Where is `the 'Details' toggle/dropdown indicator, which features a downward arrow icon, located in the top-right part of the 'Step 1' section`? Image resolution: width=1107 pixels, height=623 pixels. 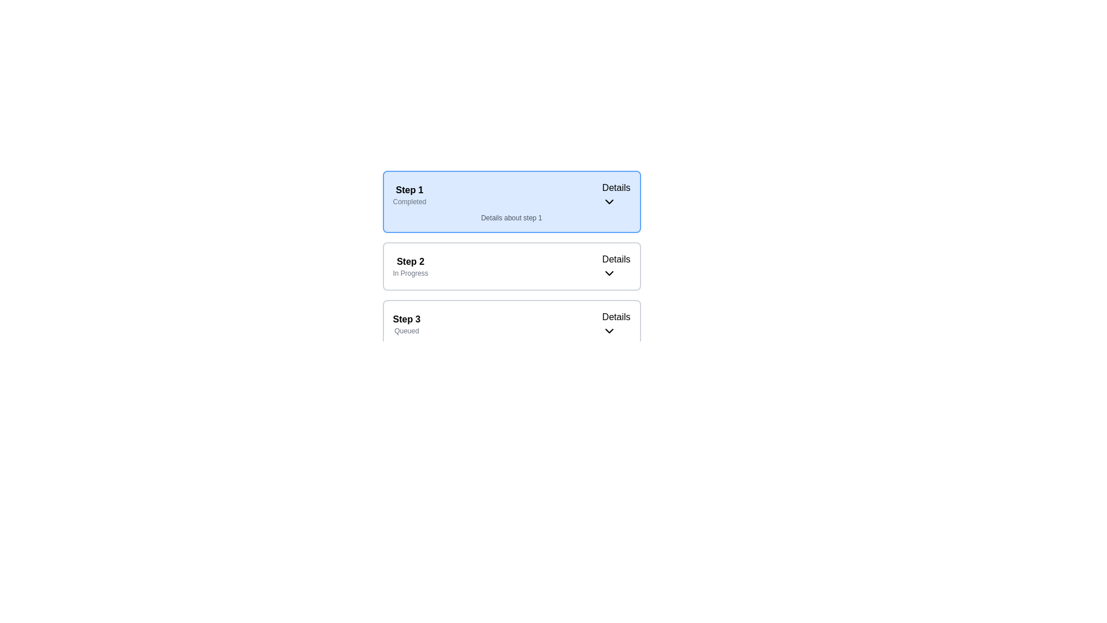 the 'Details' toggle/dropdown indicator, which features a downward arrow icon, located in the top-right part of the 'Step 1' section is located at coordinates (616, 194).